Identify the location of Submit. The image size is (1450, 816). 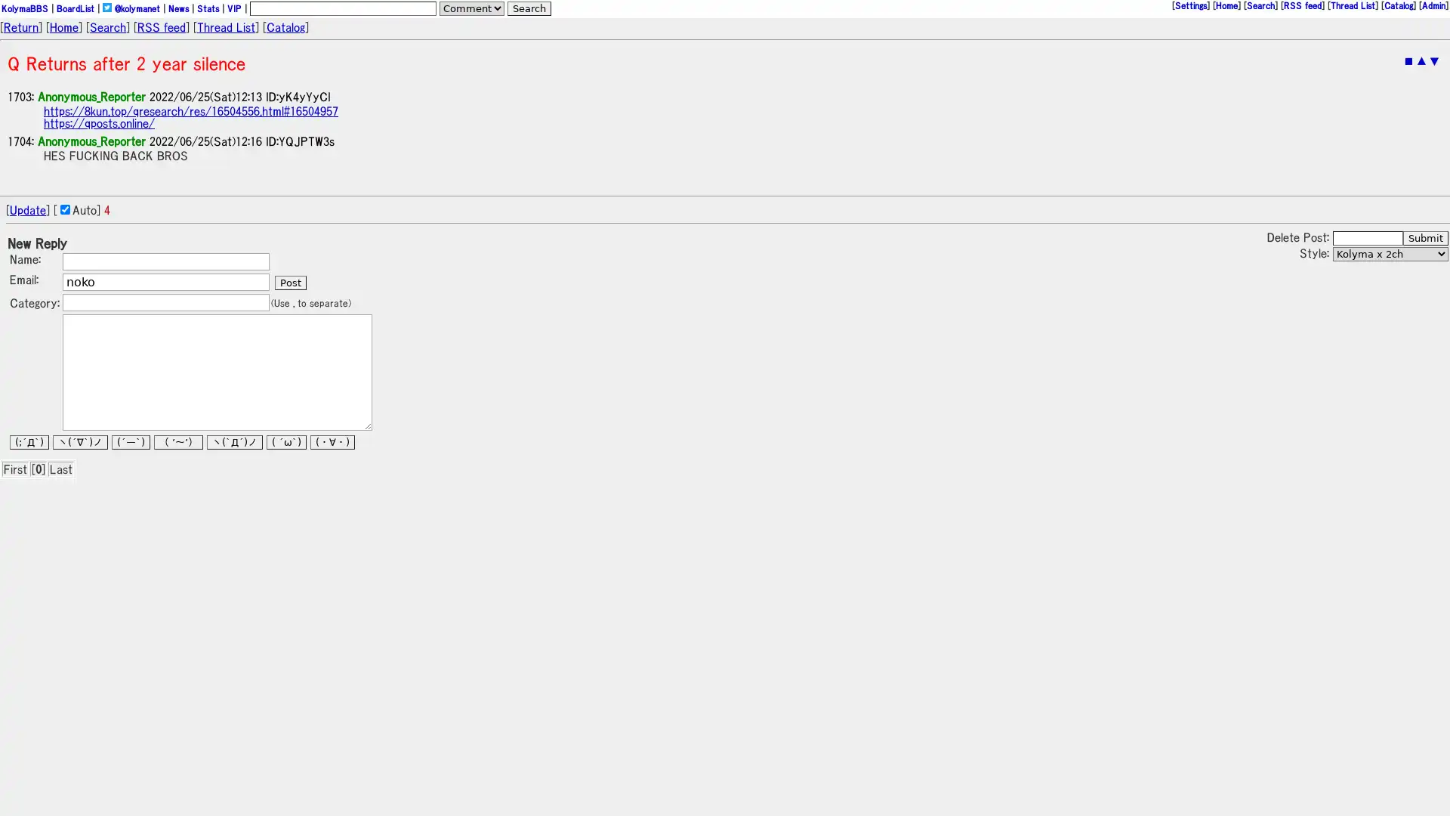
(1424, 238).